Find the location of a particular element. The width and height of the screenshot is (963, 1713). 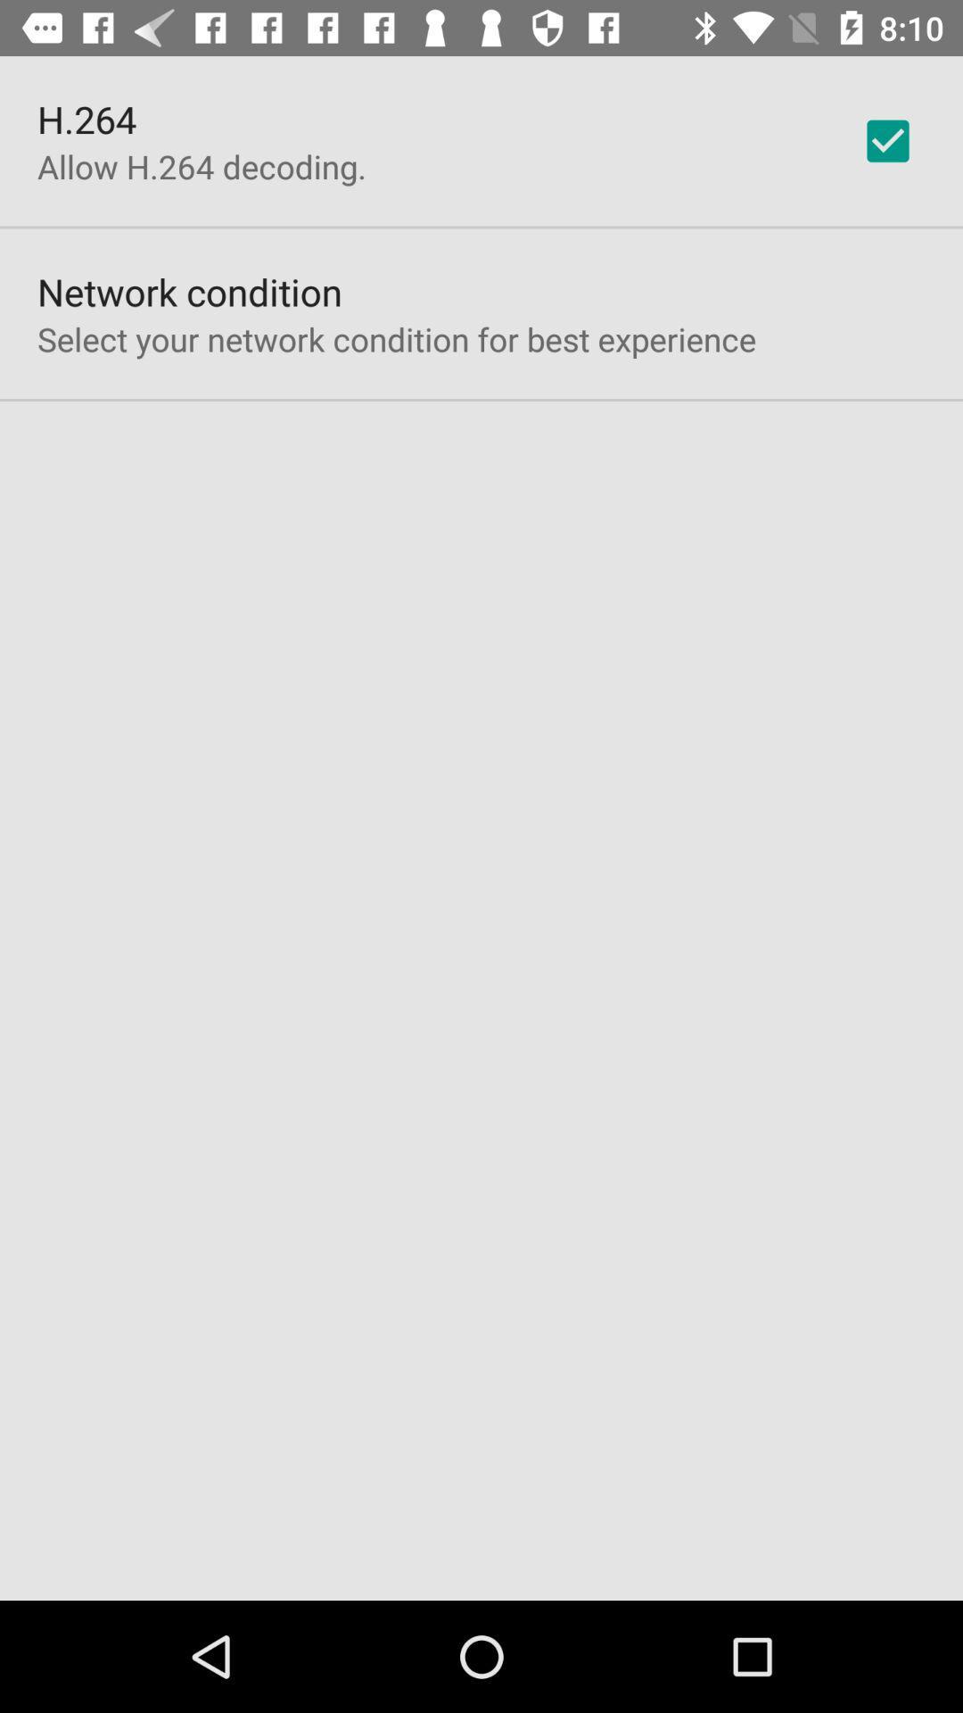

app next to the allow h 264 app is located at coordinates (887, 140).